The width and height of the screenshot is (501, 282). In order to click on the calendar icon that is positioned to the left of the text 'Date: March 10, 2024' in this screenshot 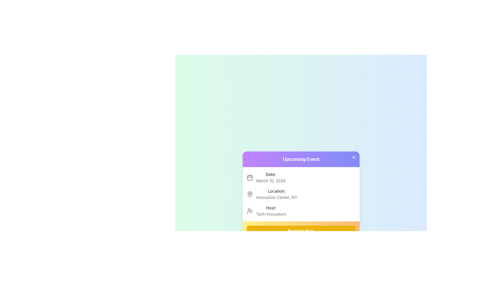, I will do `click(250, 177)`.